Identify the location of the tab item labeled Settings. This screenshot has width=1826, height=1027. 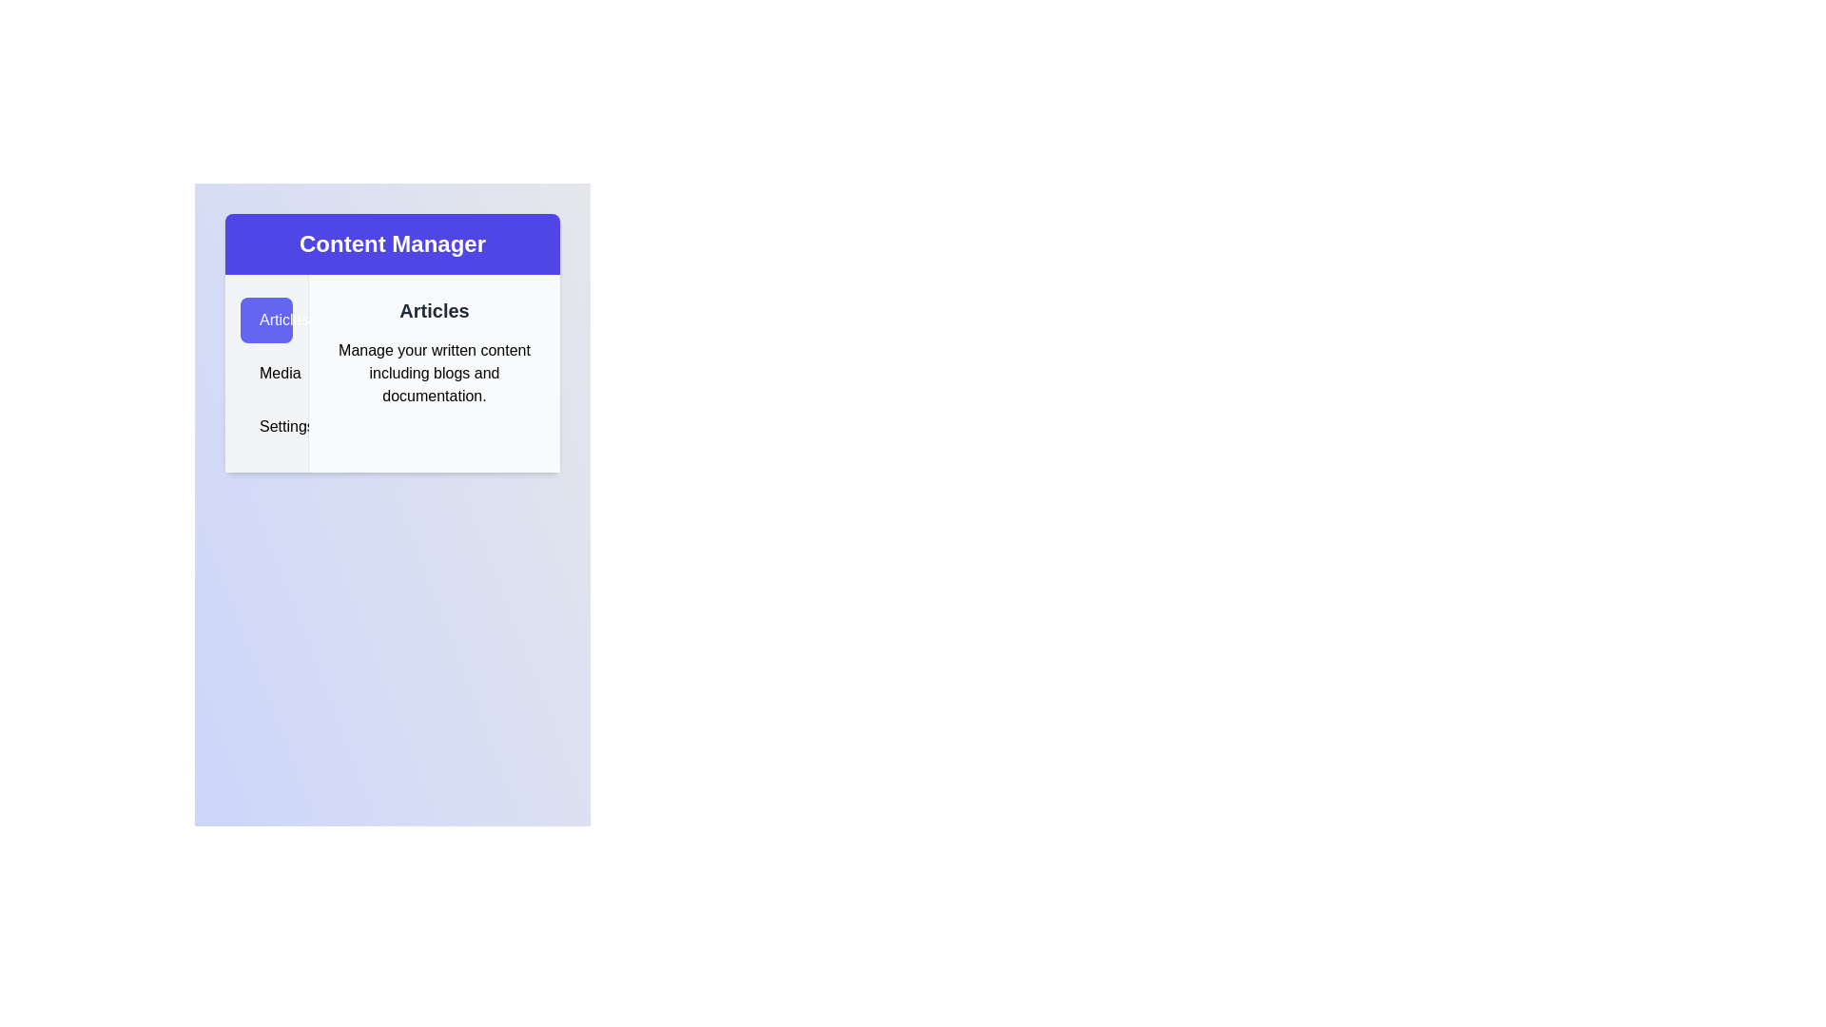
(265, 425).